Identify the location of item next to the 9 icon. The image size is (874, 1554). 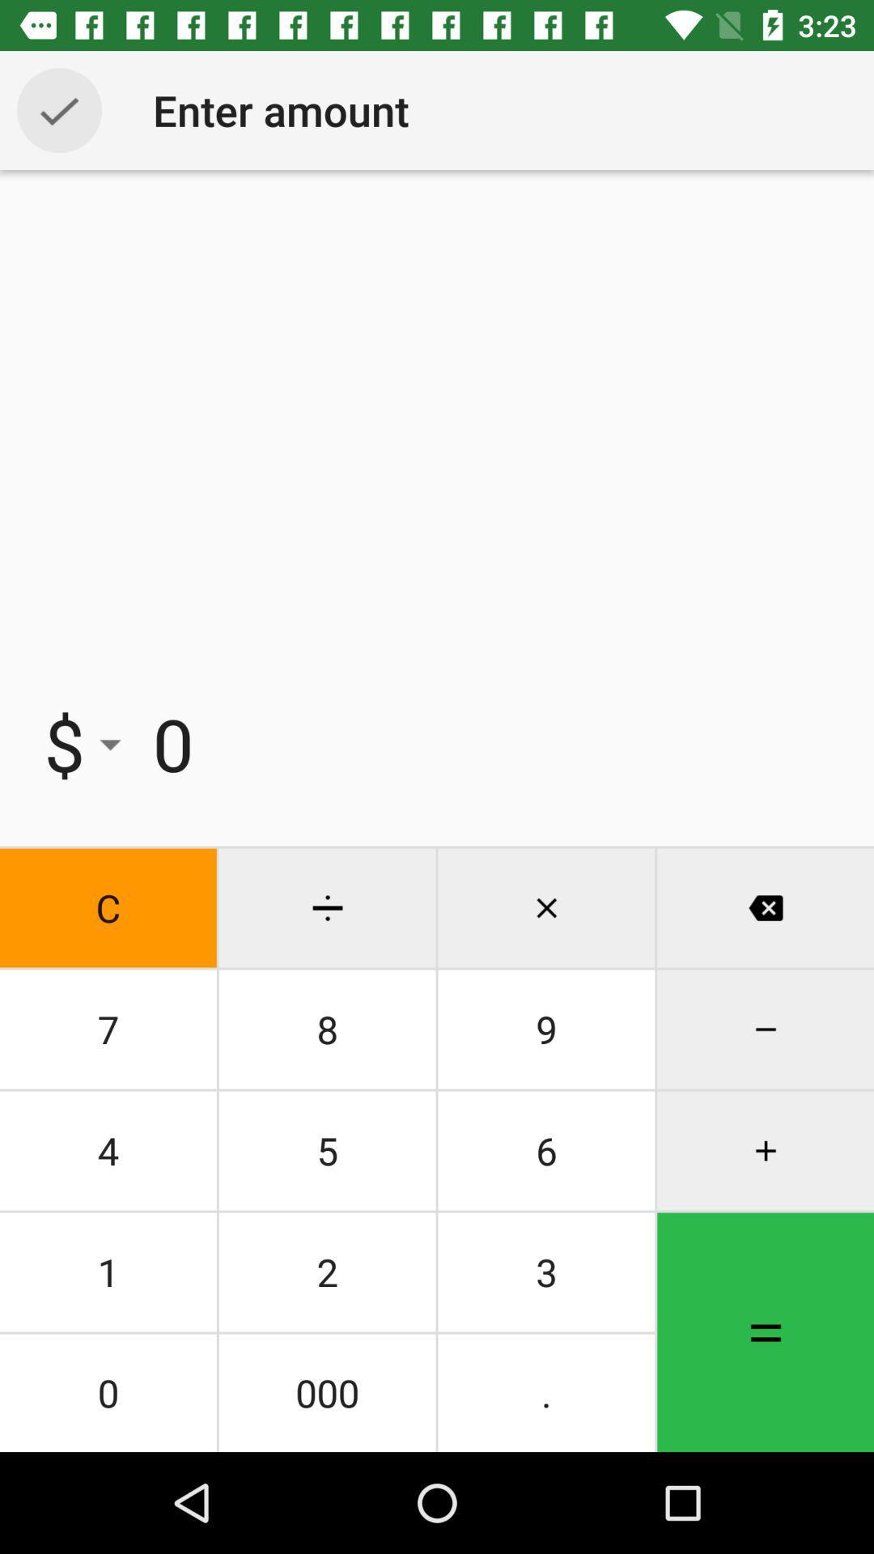
(327, 1149).